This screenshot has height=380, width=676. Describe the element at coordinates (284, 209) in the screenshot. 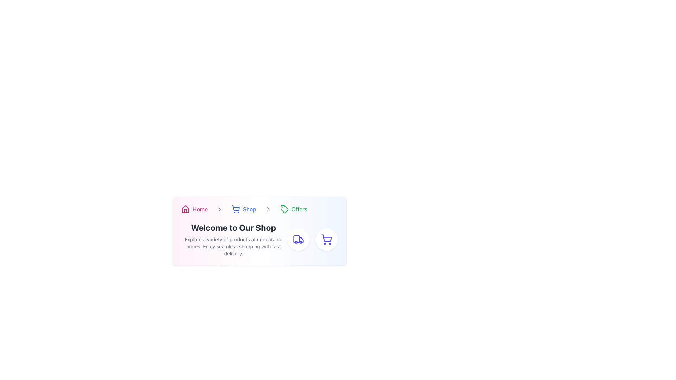

I see `the tag icon in the breadcrumb navigation bar, located between the 'Shop' link and the 'Offers' text` at that location.